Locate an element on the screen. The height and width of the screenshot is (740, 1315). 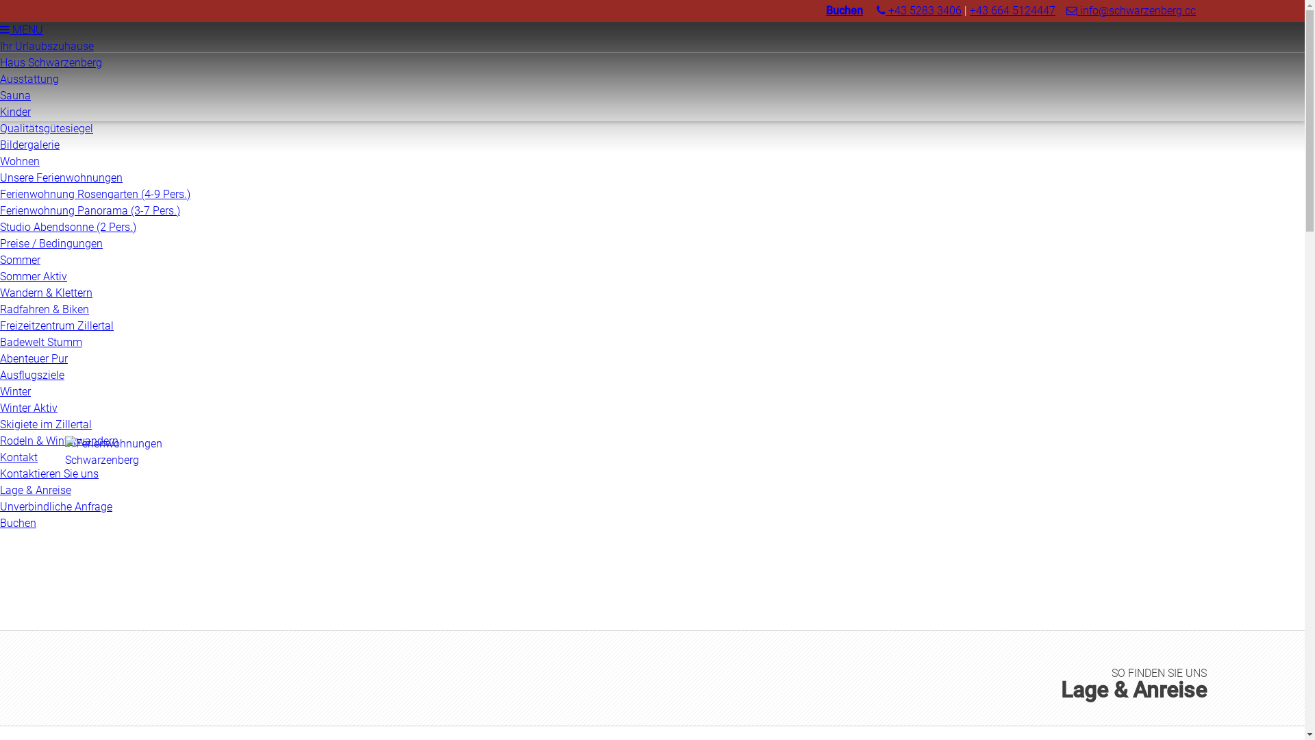
'Ausstattung' is located at coordinates (29, 79).